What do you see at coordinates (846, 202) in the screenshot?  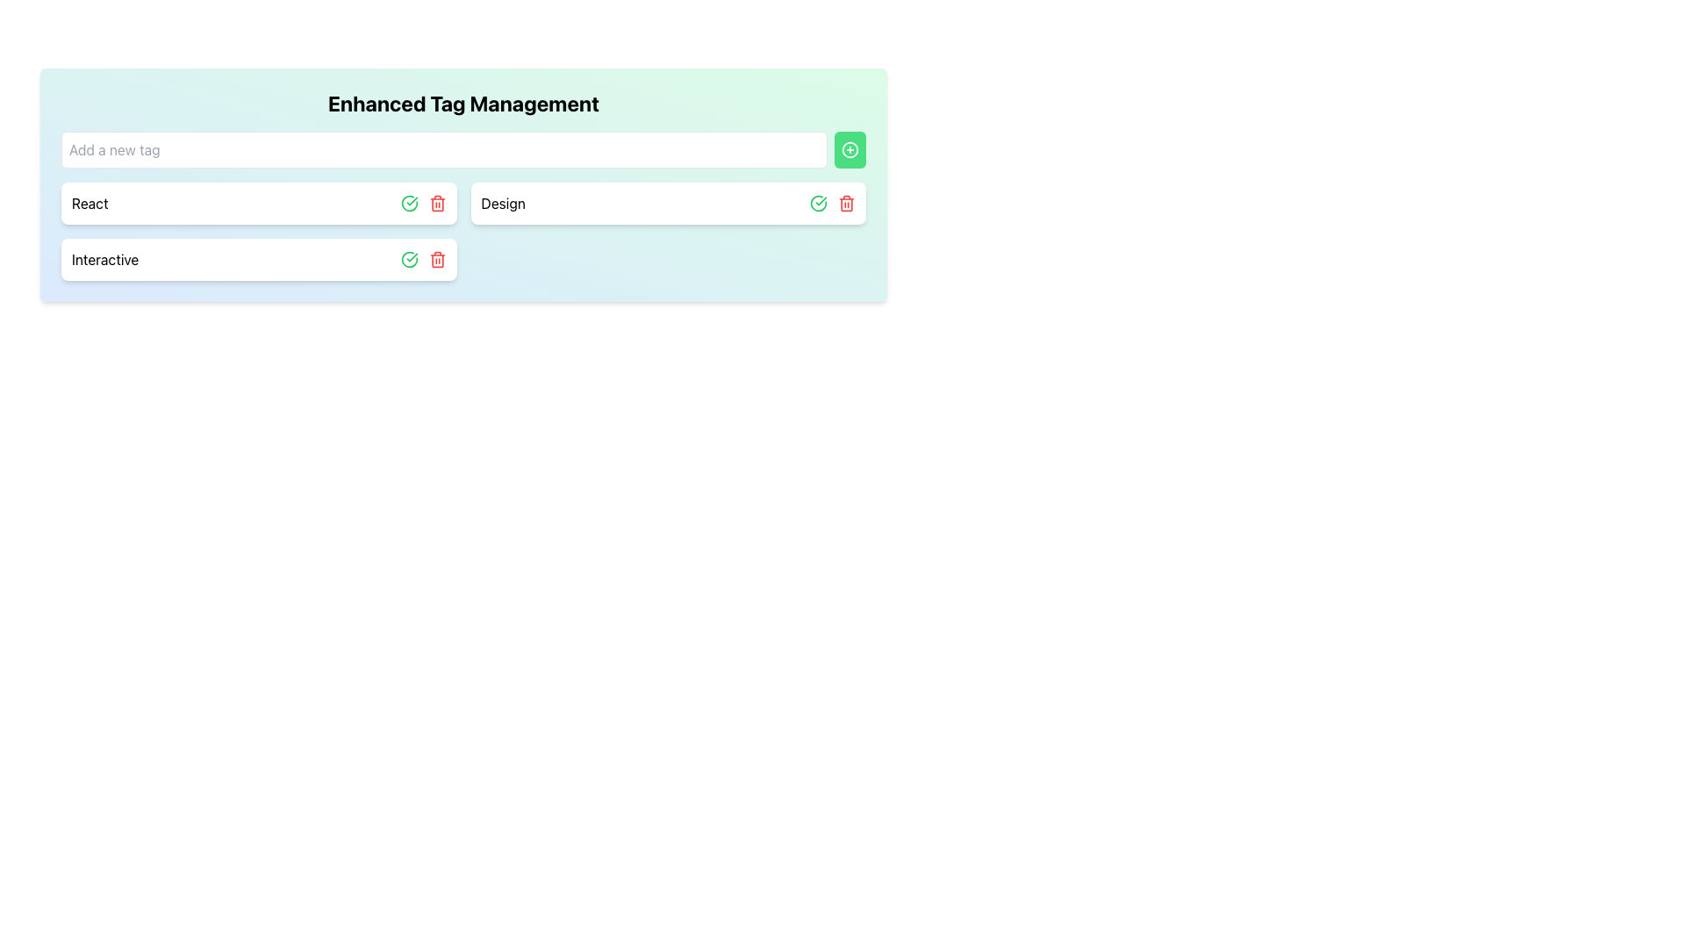 I see `the red-colored trash can icon button, which is located within the list item for the tag 'Design' in the tag management section` at bounding box center [846, 202].